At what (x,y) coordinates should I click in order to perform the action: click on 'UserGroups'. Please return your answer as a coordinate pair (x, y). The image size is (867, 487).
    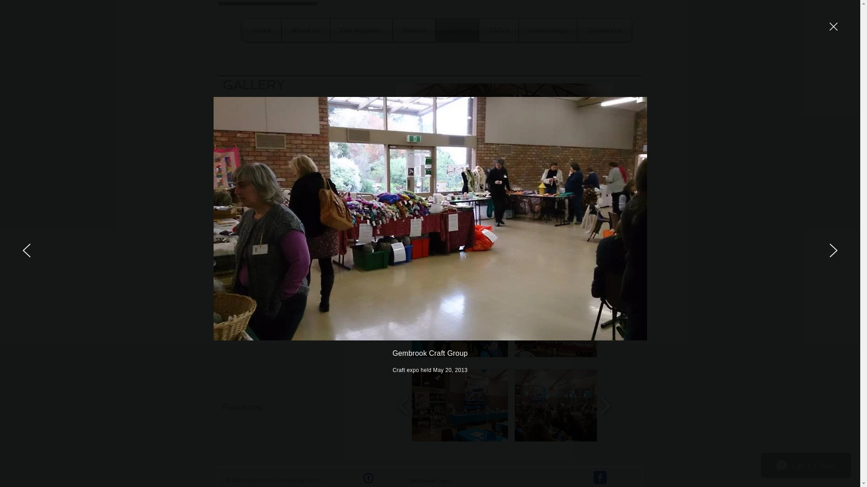
    Looking at the image, I should click on (547, 29).